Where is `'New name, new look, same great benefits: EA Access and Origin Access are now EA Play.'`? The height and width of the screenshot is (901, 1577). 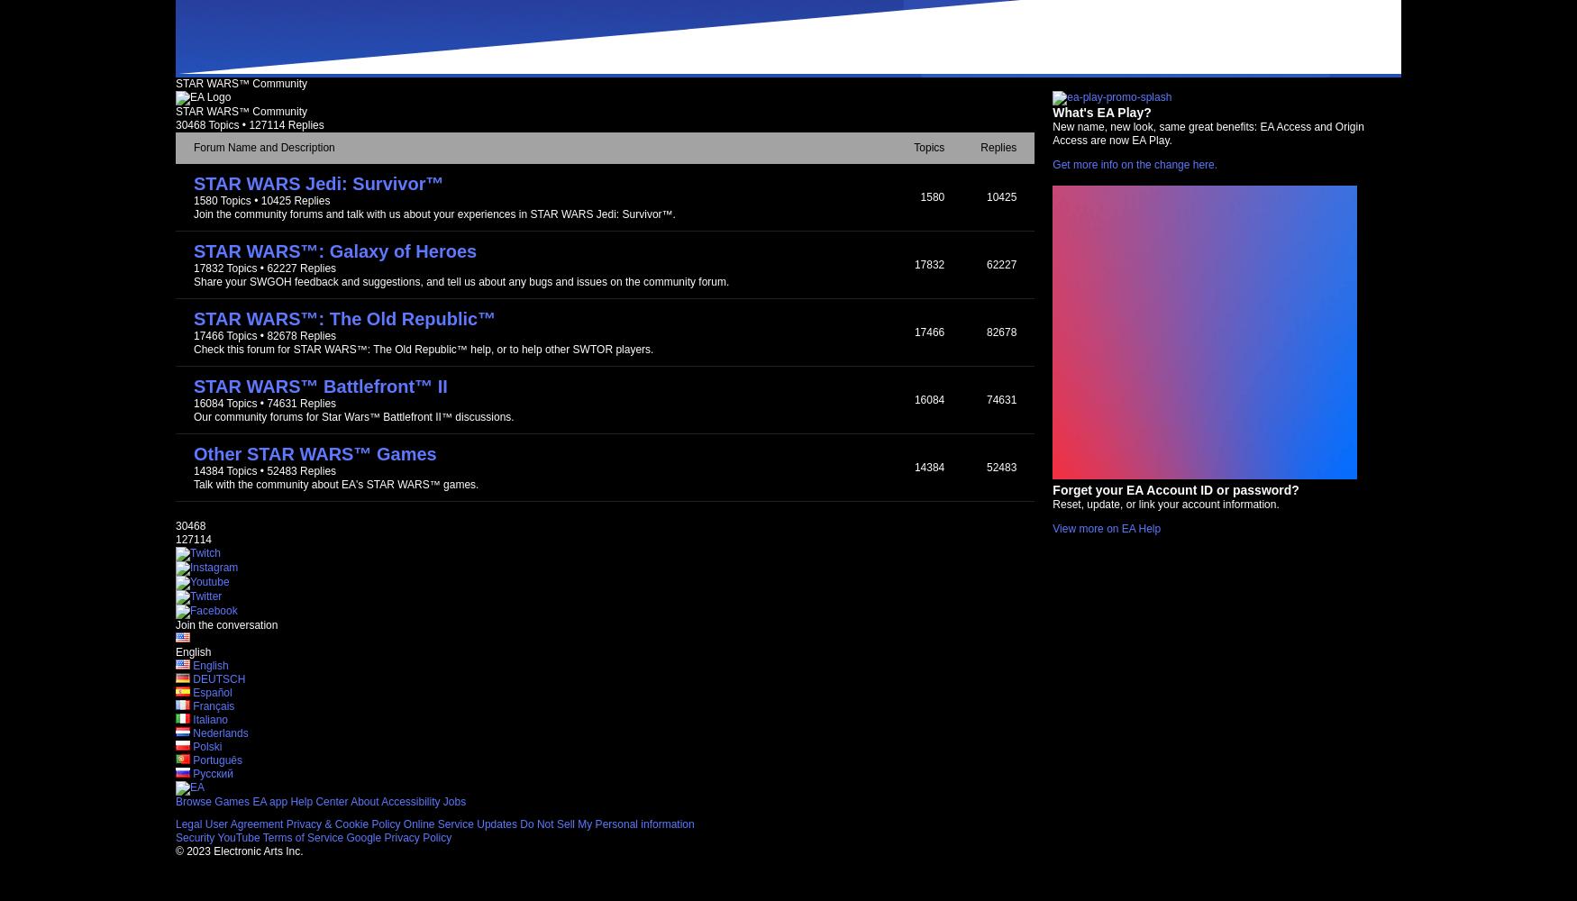
'New name, new look, same great benefits: EA Access and Origin Access are now EA Play.' is located at coordinates (1208, 133).